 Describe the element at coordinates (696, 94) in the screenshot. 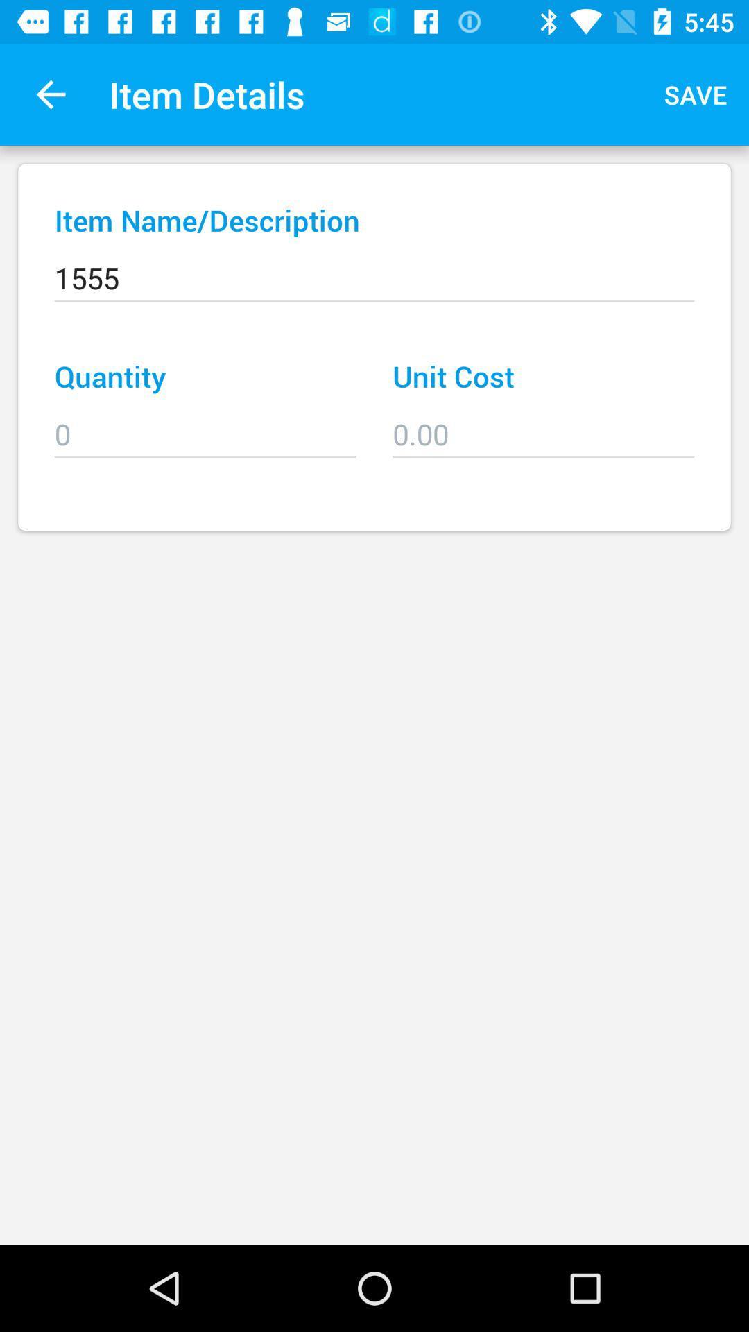

I see `the save item` at that location.